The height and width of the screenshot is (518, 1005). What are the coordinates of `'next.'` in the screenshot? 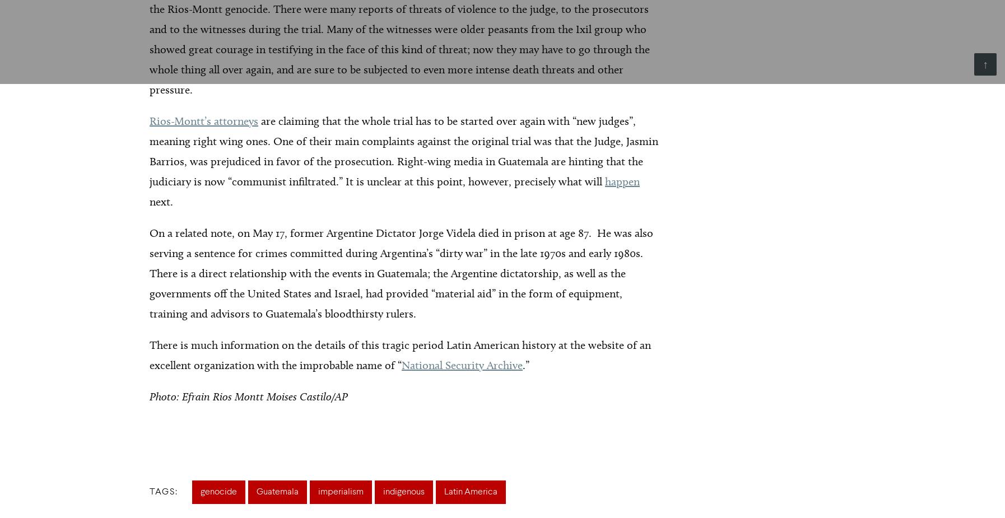 It's located at (160, 201).